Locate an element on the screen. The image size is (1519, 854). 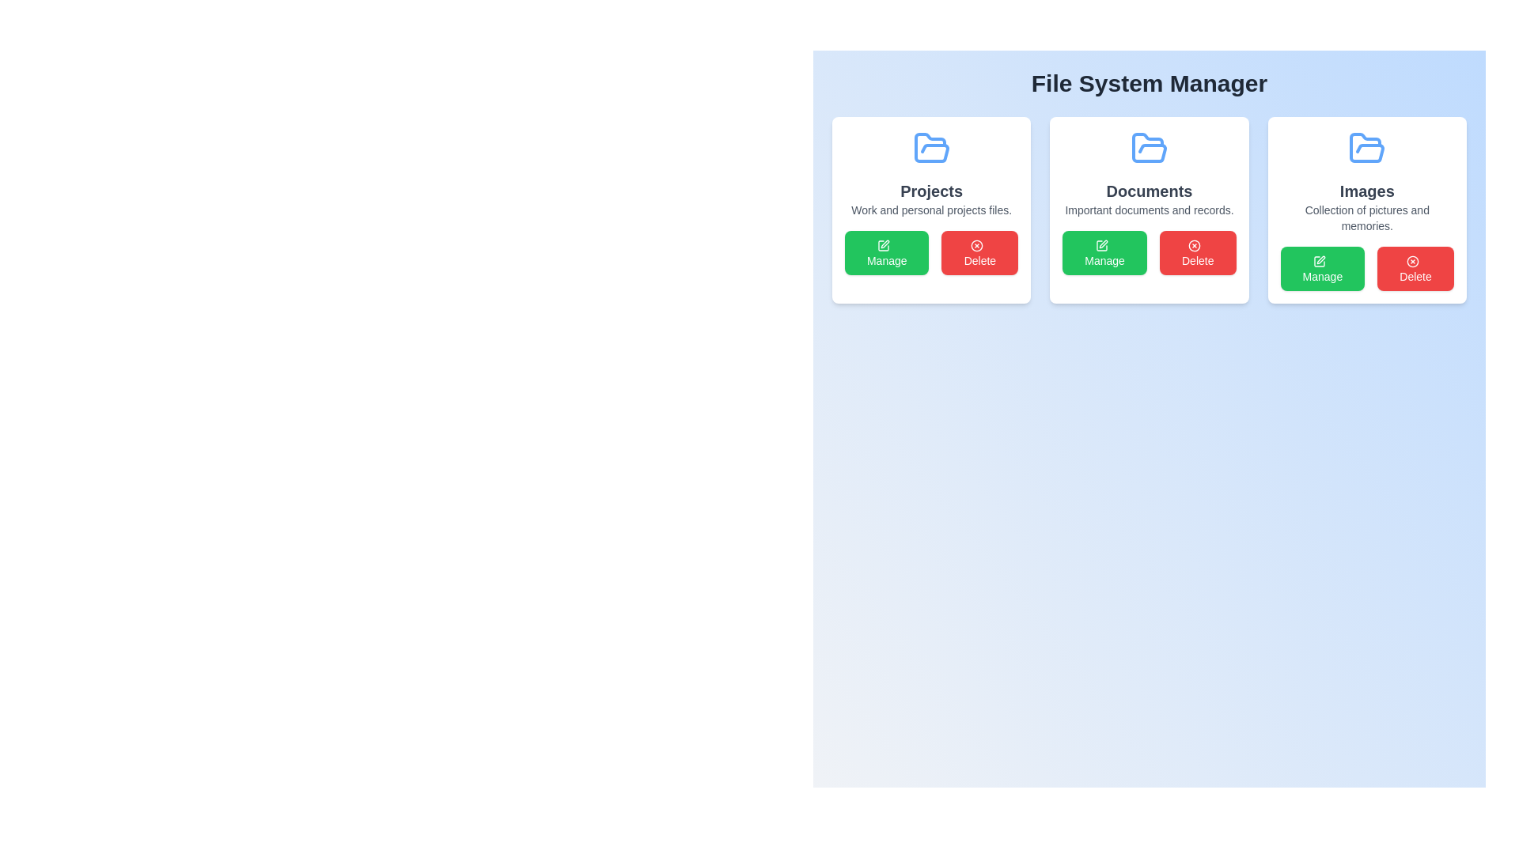
the part of the editing icon within the green 'Manage' button located under the 'Projects' card to invoke the manage action related to 'Projects' is located at coordinates (883, 246).